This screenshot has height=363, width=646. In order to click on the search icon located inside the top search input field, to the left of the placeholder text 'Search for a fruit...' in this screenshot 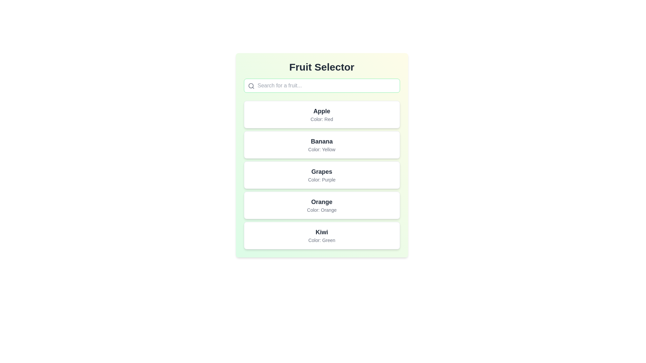, I will do `click(251, 85)`.